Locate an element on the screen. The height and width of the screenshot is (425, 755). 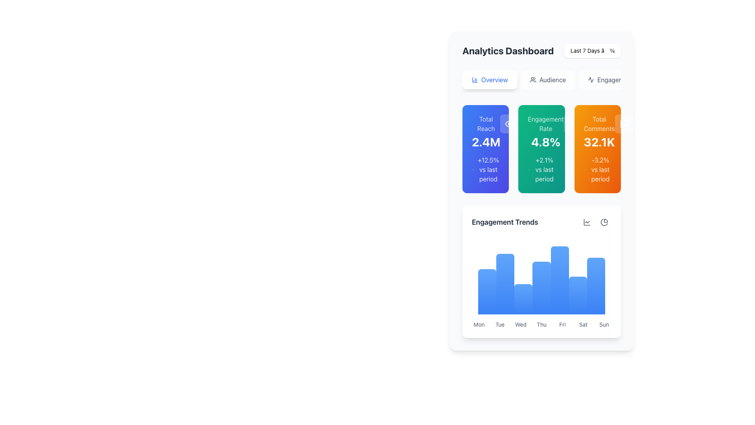
the interactive data points of the Bar chart card that visually represents engagement metrics for daily trends, located in the bottom-right section of the analytics dashboard is located at coordinates (541, 271).